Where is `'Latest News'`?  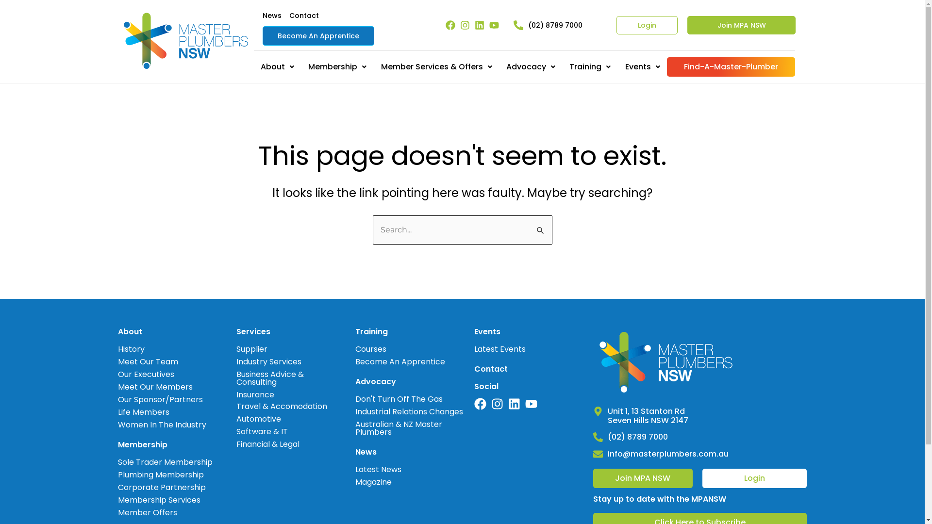
'Latest News' is located at coordinates (378, 469).